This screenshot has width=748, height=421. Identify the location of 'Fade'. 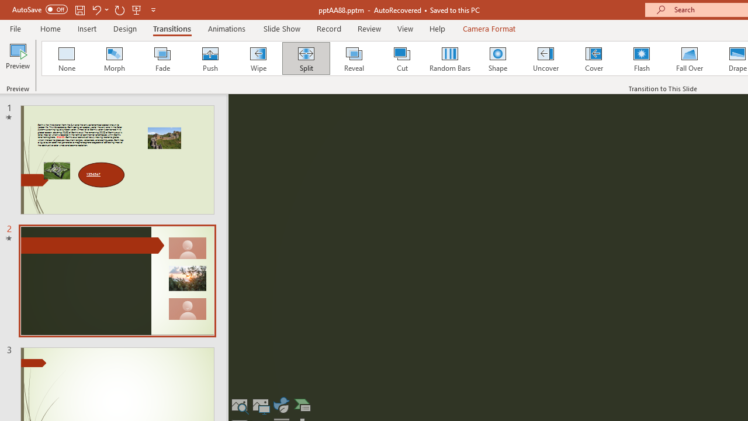
(161, 58).